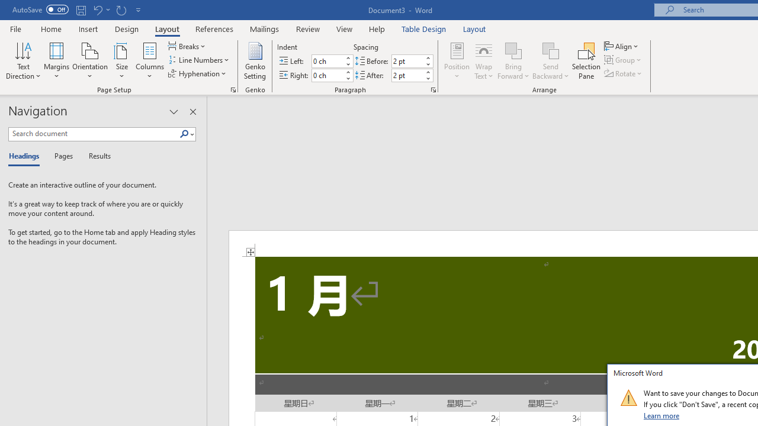 The image size is (758, 426). What do you see at coordinates (198, 73) in the screenshot?
I see `'Hyphenation'` at bounding box center [198, 73].